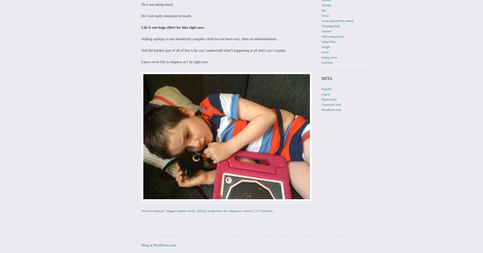 Image resolution: width=483 pixels, height=253 pixels. I want to click on 'YouTube', so click(327, 62).